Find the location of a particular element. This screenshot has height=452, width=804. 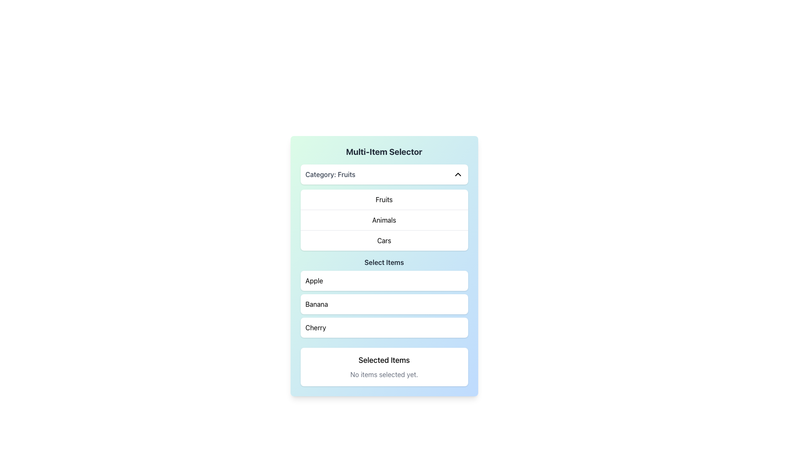

the 'Animals' menu item in the dropdown menu is located at coordinates (384, 219).